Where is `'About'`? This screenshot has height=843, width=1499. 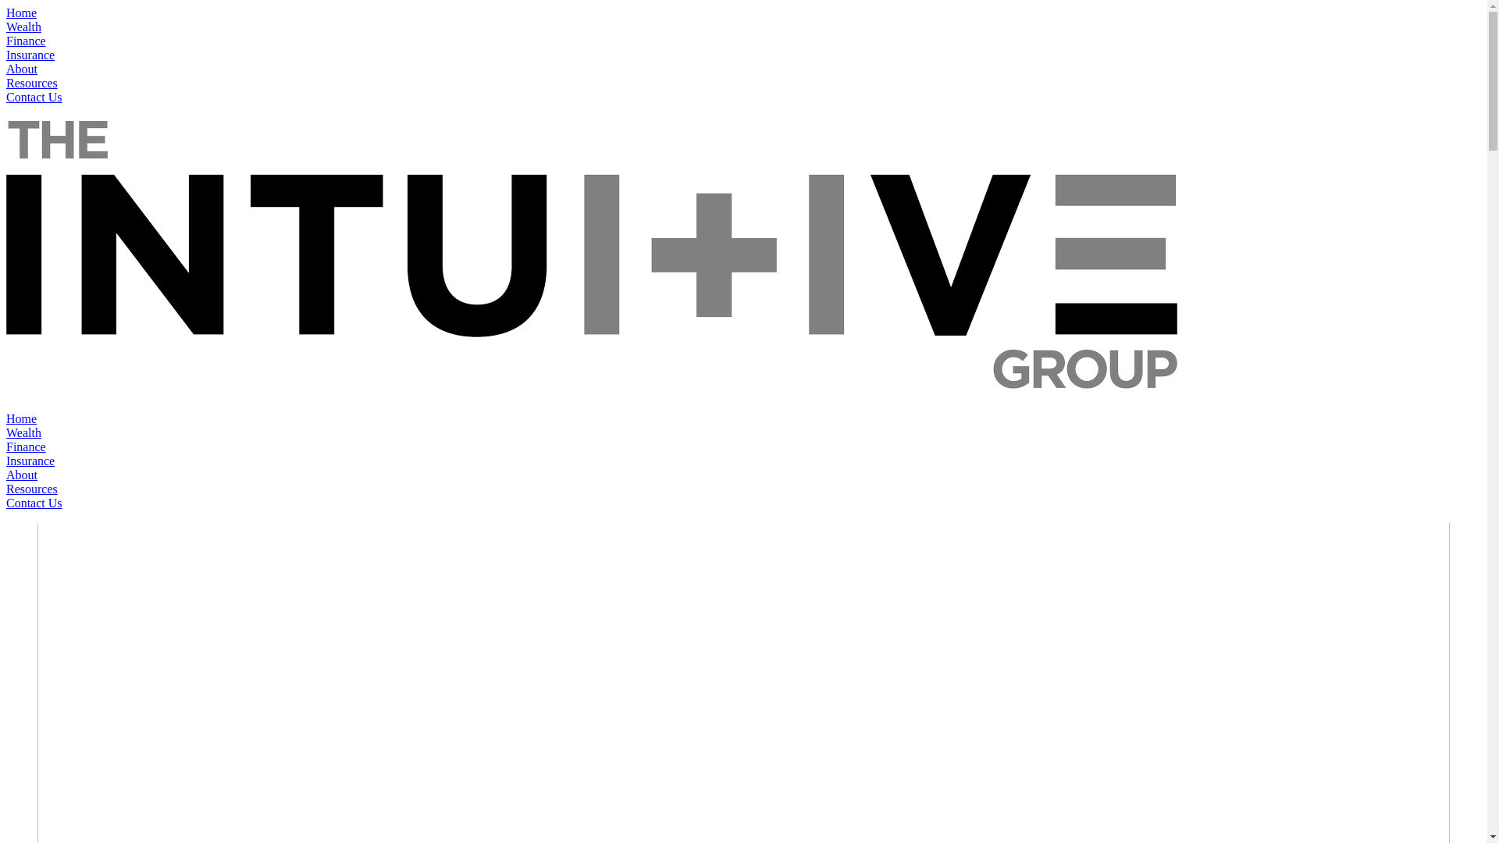 'About' is located at coordinates (6, 68).